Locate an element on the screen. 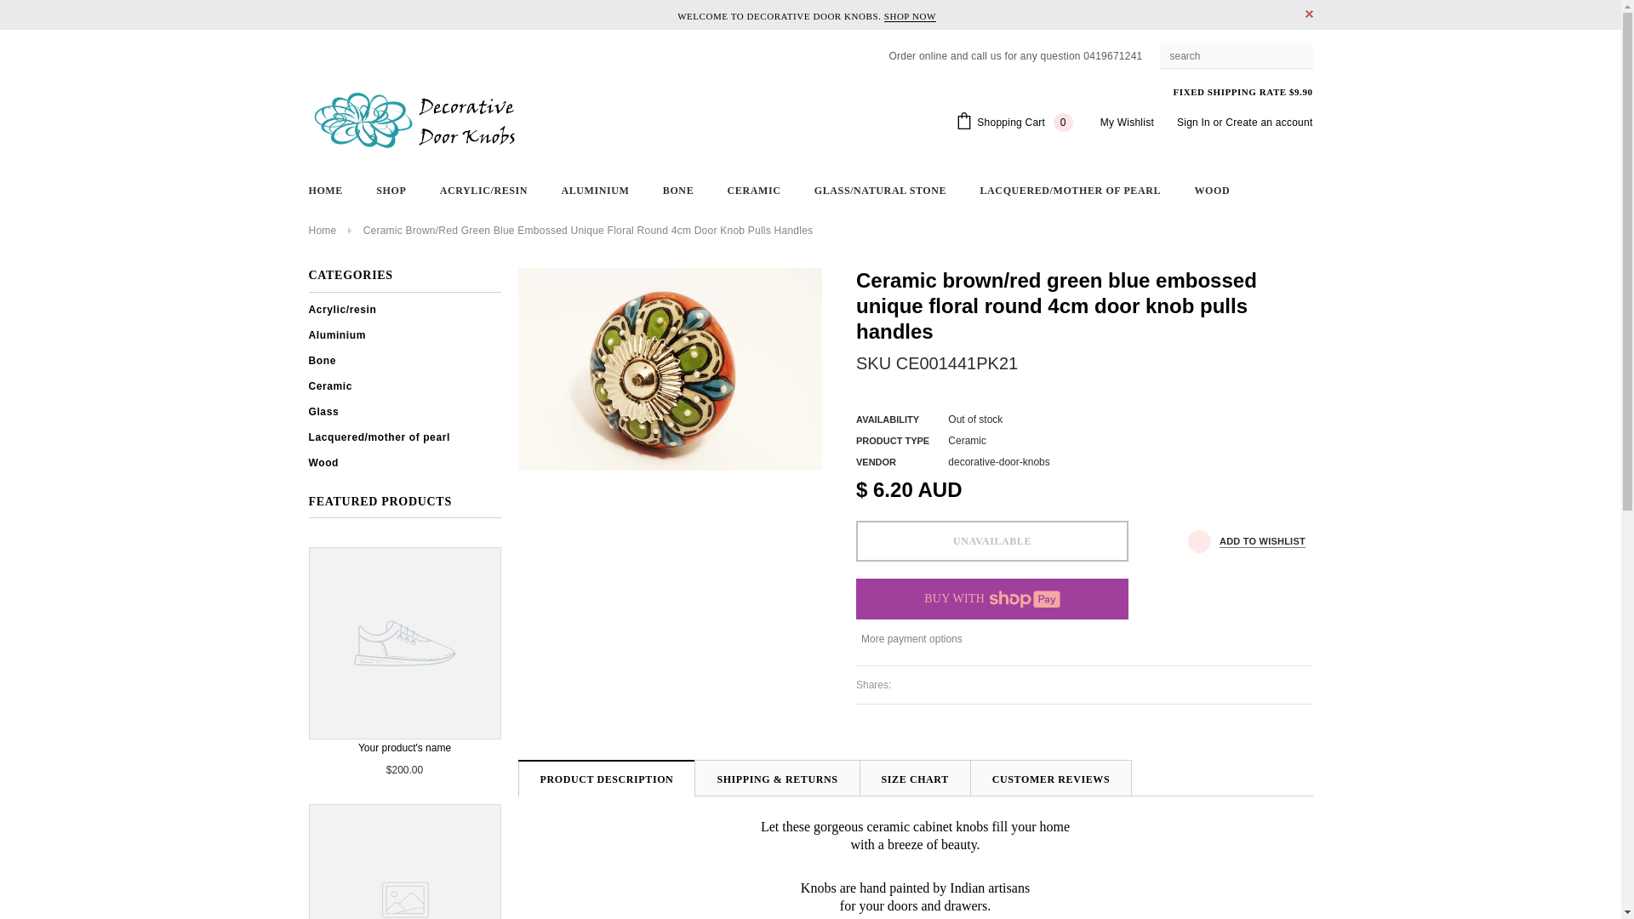 This screenshot has height=919, width=1634. 'Home' is located at coordinates (322, 230).